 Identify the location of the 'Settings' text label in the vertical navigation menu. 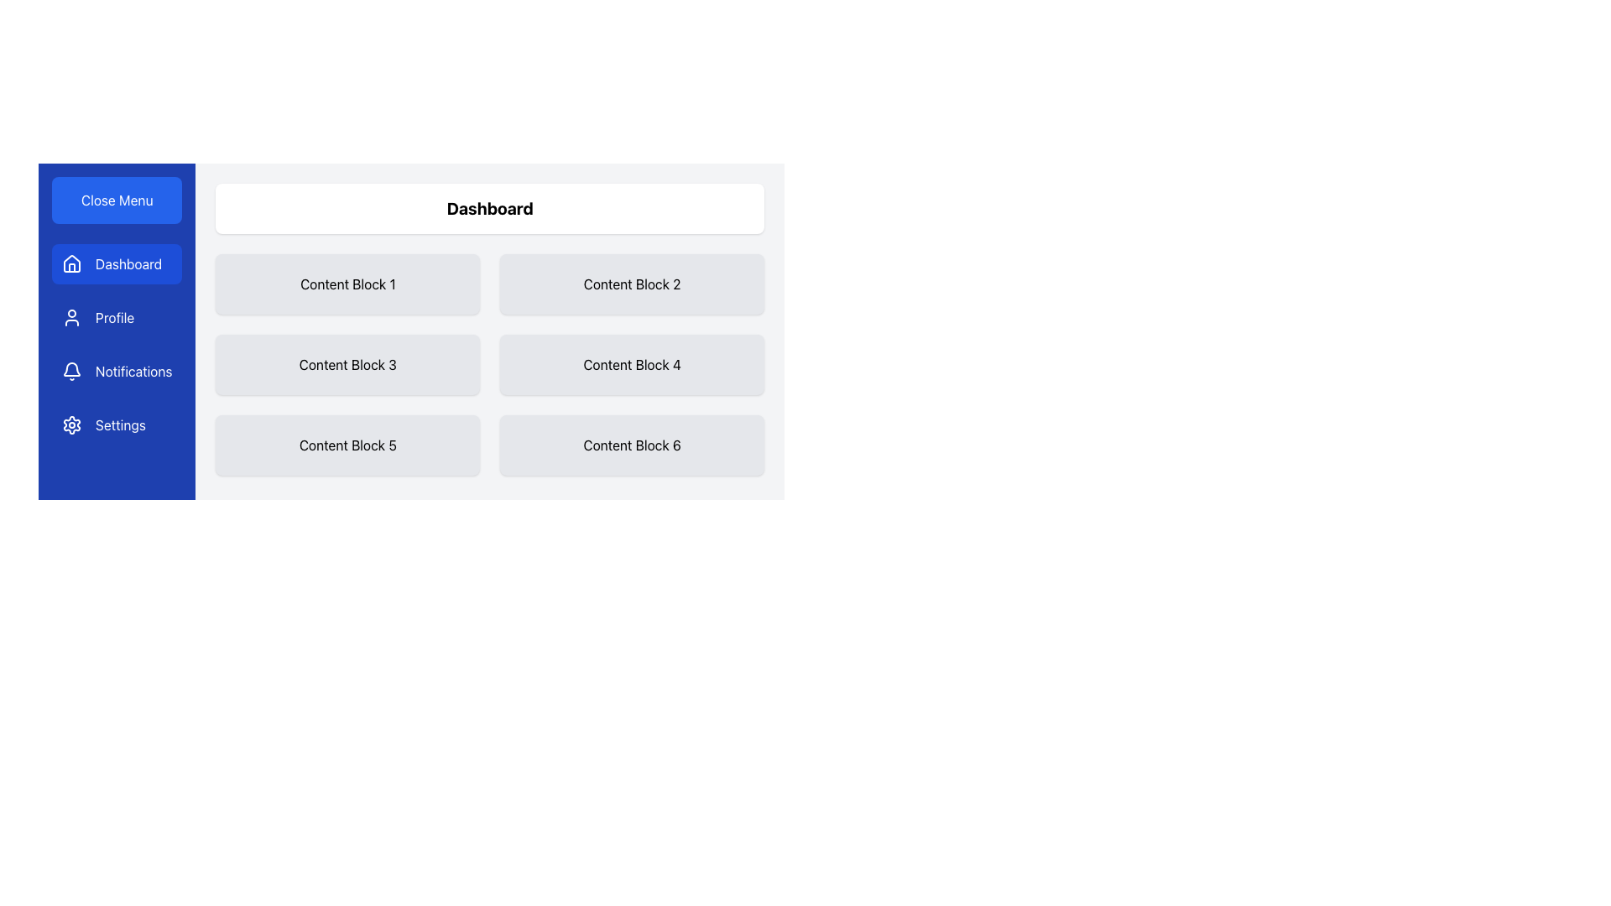
(120, 424).